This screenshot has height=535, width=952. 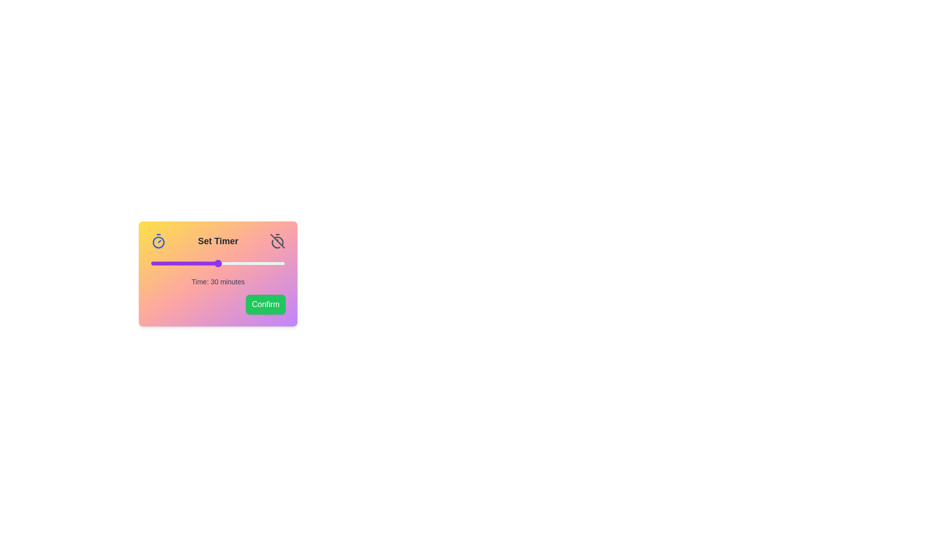 I want to click on the slider to set the timer to 15 minutes, so click(x=184, y=263).